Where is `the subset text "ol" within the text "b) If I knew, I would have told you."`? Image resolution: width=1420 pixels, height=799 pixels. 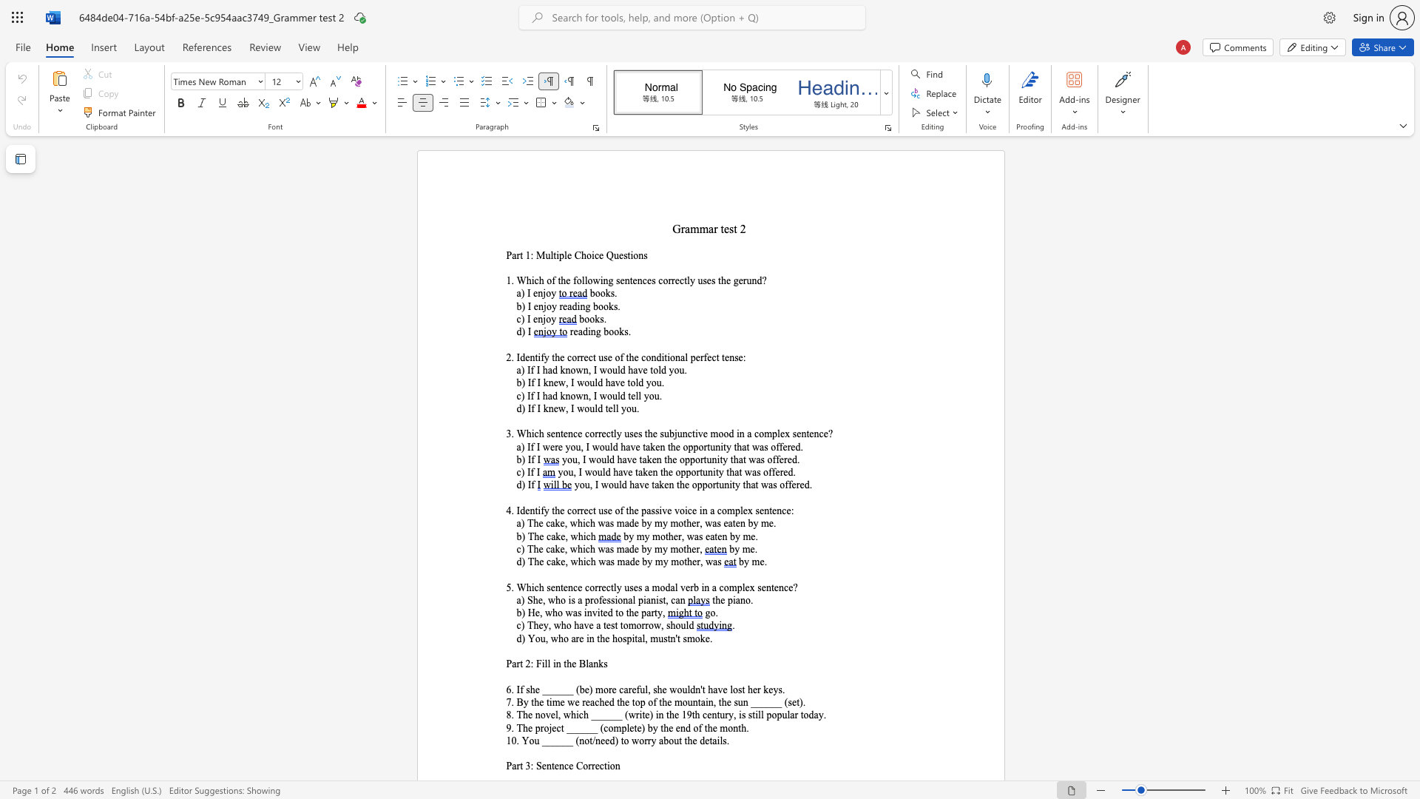
the subset text "ol" within the text "b) If I knew, I would have told you." is located at coordinates (630, 382).